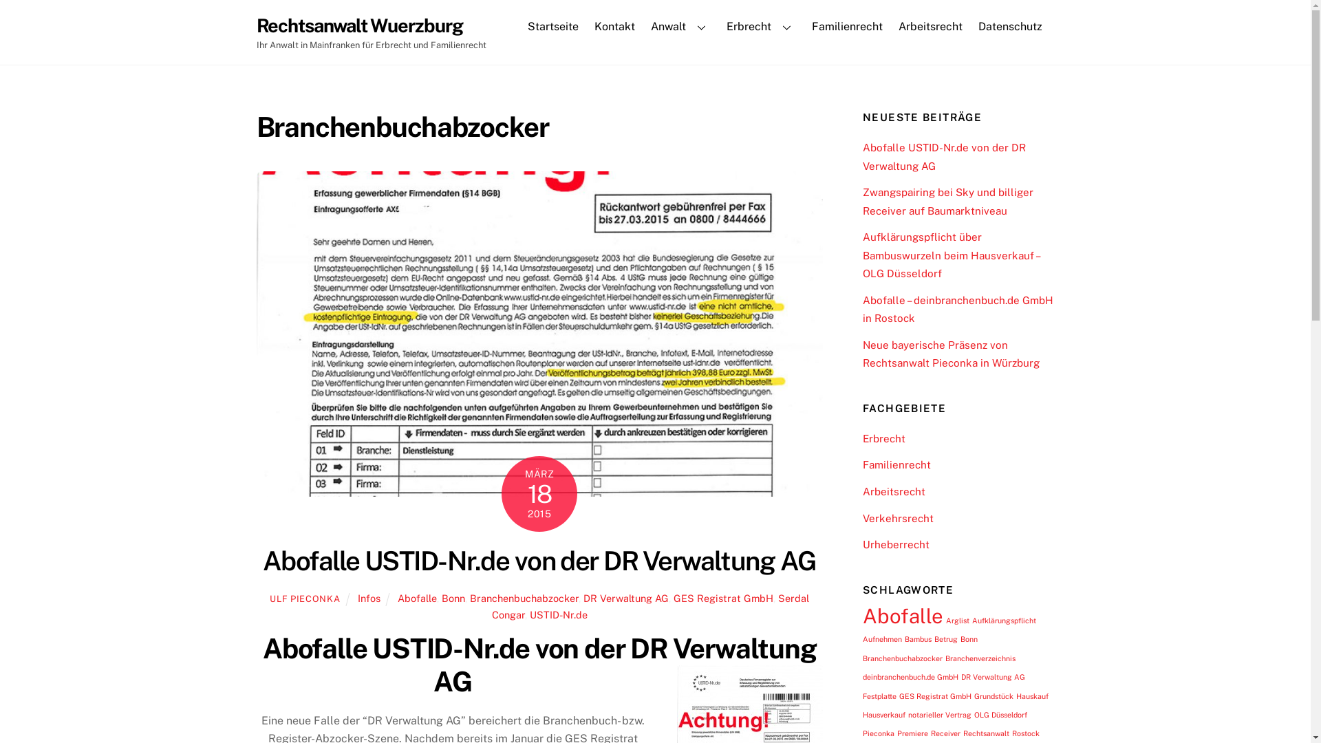  What do you see at coordinates (898, 518) in the screenshot?
I see `'Verkehrsrecht'` at bounding box center [898, 518].